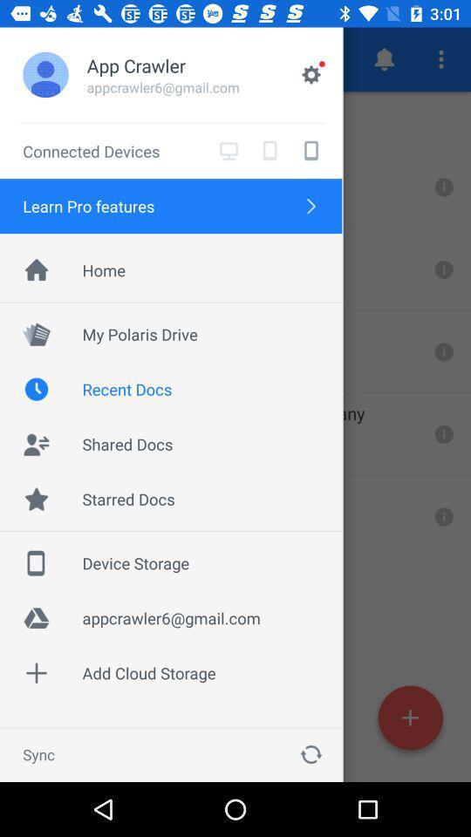 Image resolution: width=471 pixels, height=837 pixels. What do you see at coordinates (410, 721) in the screenshot?
I see `the add icon` at bounding box center [410, 721].